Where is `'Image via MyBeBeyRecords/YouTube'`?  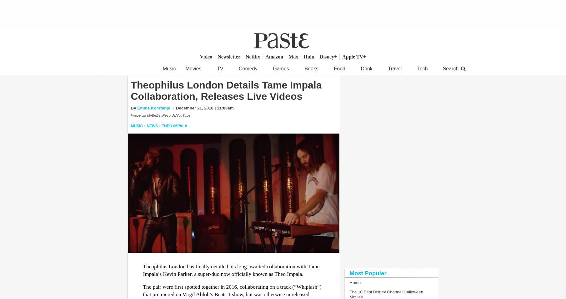
'Image via MyBeBeyRecords/YouTube' is located at coordinates (160, 115).